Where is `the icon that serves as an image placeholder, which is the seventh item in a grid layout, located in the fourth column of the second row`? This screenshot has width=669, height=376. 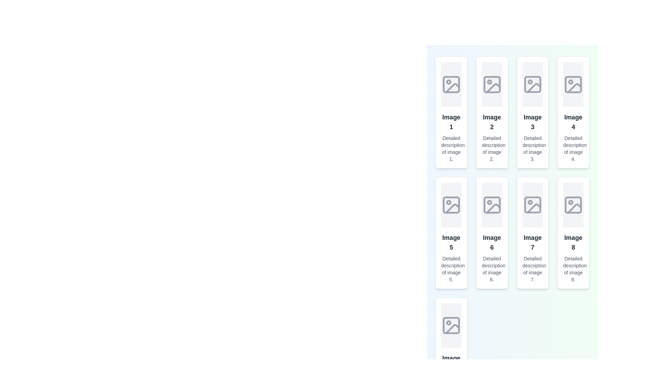
the icon that serves as an image placeholder, which is the seventh item in a grid layout, located in the fourth column of the second row is located at coordinates (532, 205).